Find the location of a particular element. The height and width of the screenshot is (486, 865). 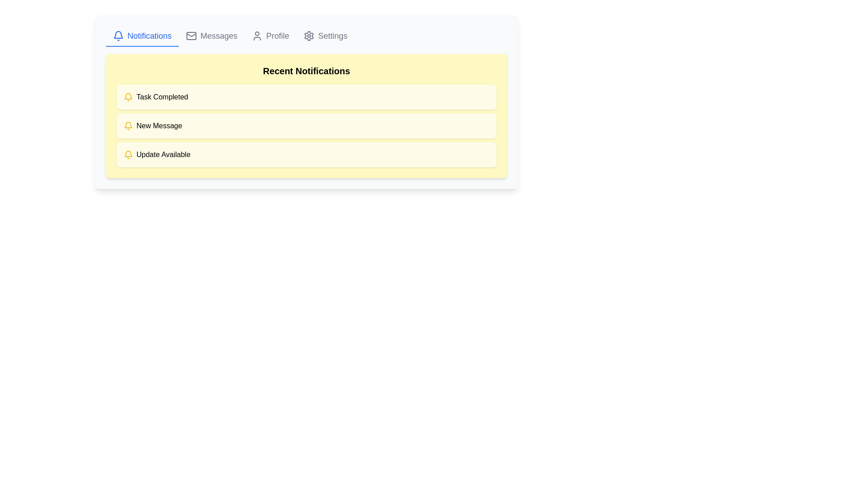

the rectangular shape with rounded corners representing the main body of the envelope icon located in the navigation section, centered horizontally between the 'Notifications' and 'Profile' icons is located at coordinates (191, 36).